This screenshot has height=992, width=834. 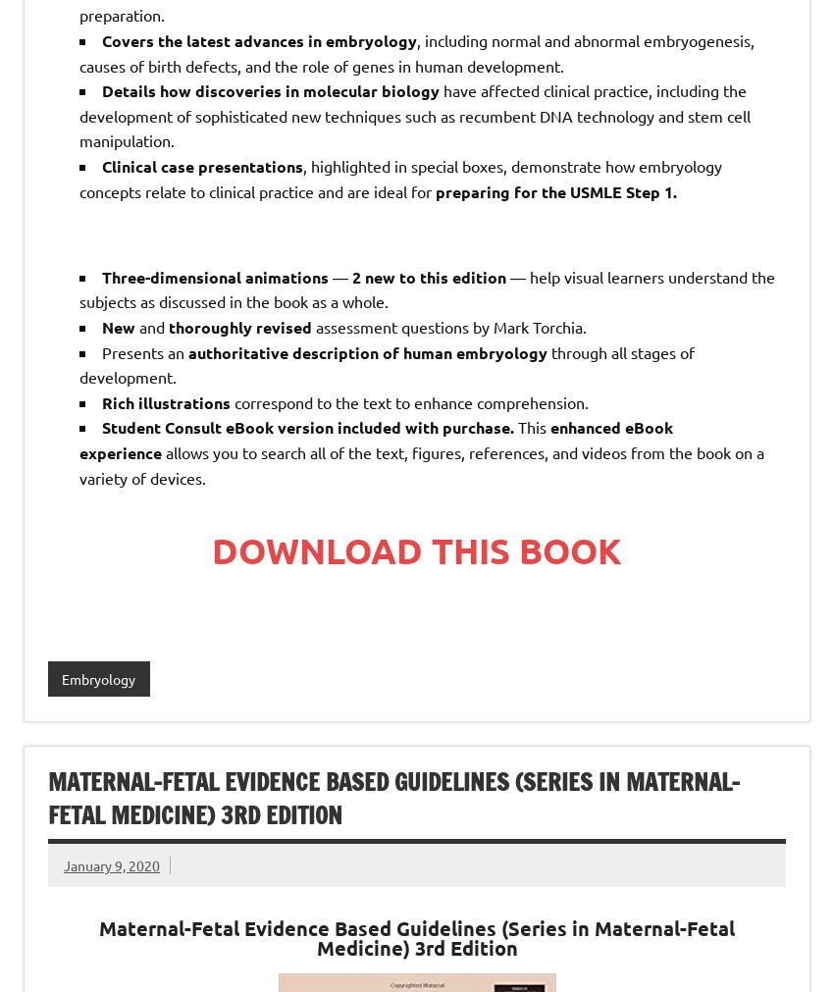 I want to click on 'Maternal-Fetal Evidence Based Guidelines (Series in Maternal-Fetal Medicine)', so click(x=417, y=938).